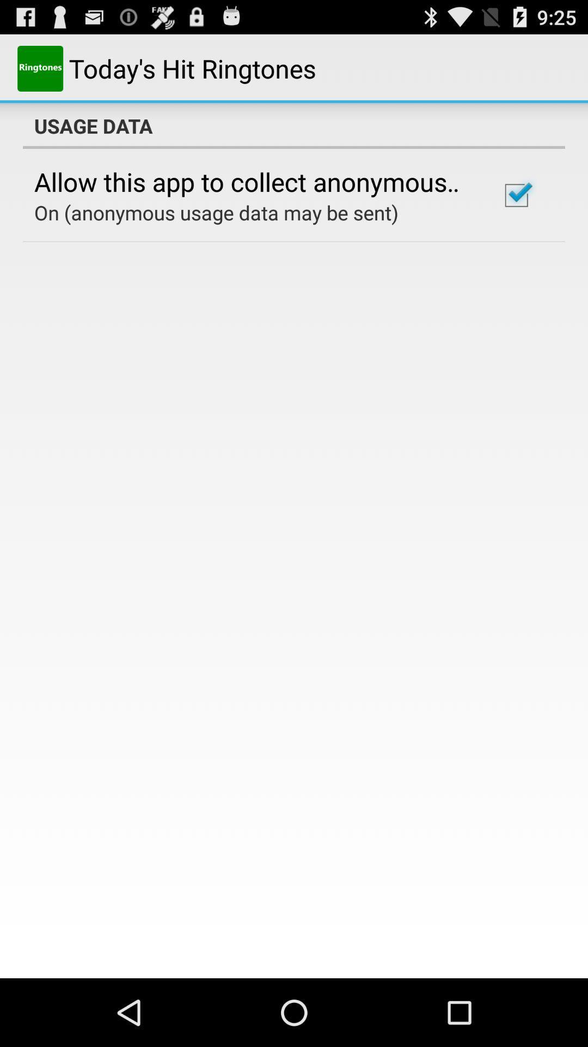  What do you see at coordinates (516, 195) in the screenshot?
I see `the icon at the top right corner` at bounding box center [516, 195].